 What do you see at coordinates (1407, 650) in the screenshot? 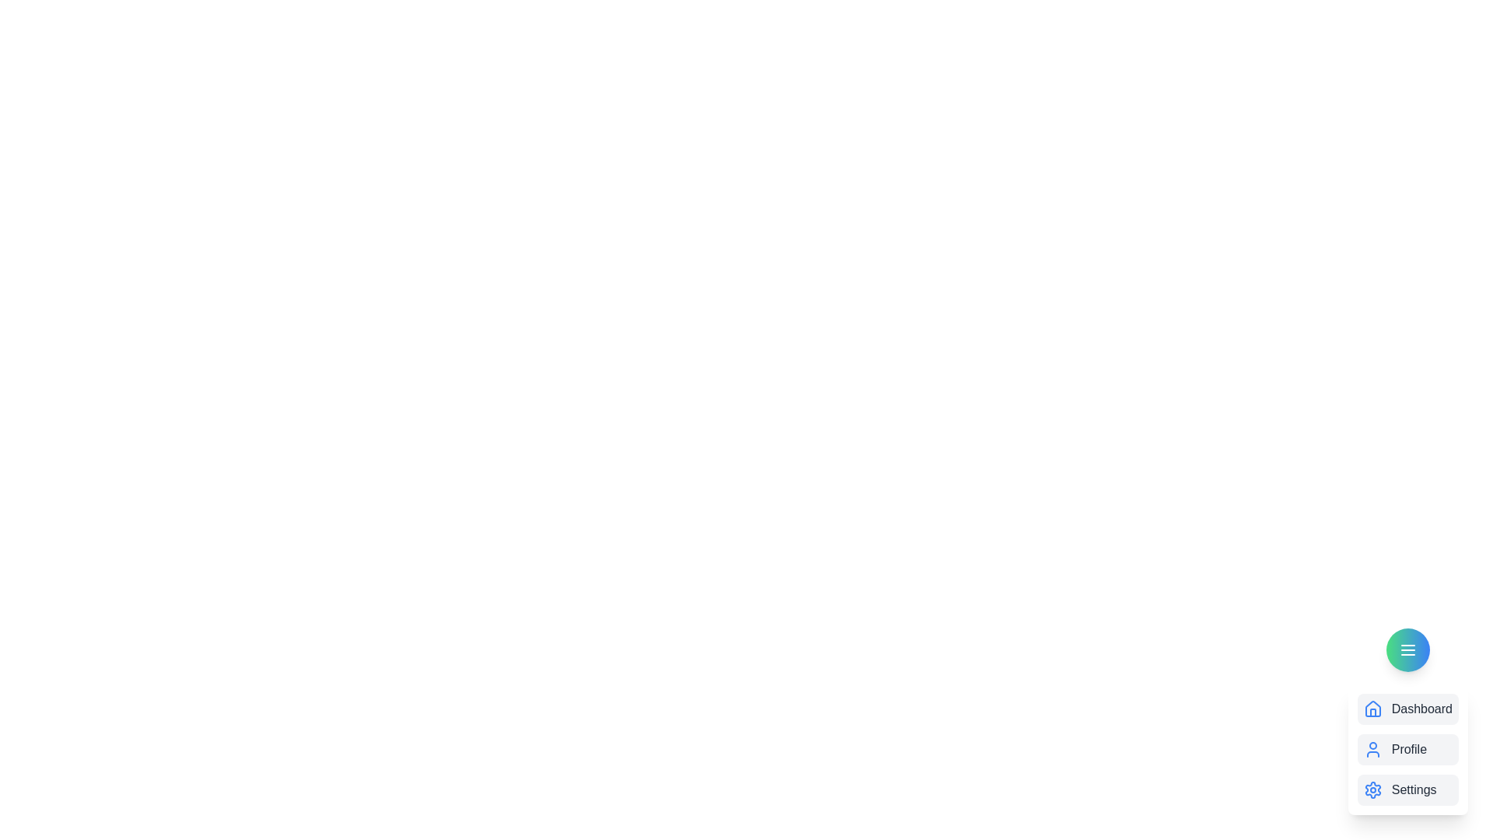
I see `the circular_button to observe the hover effect` at bounding box center [1407, 650].